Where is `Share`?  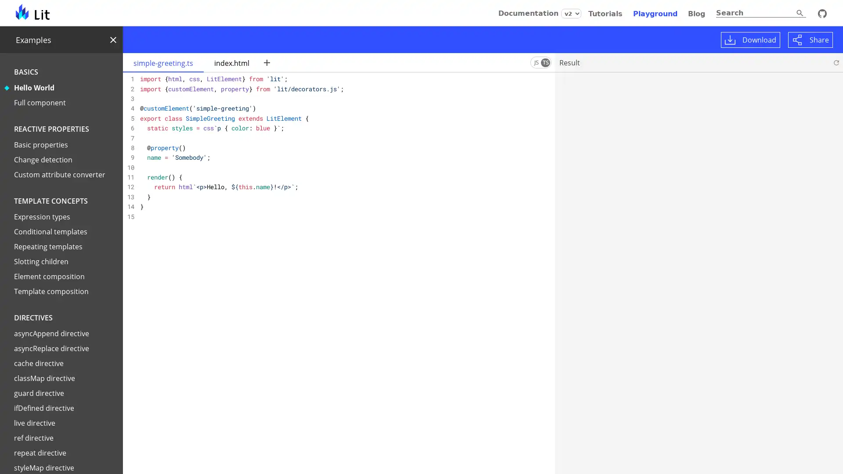
Share is located at coordinates (809, 39).